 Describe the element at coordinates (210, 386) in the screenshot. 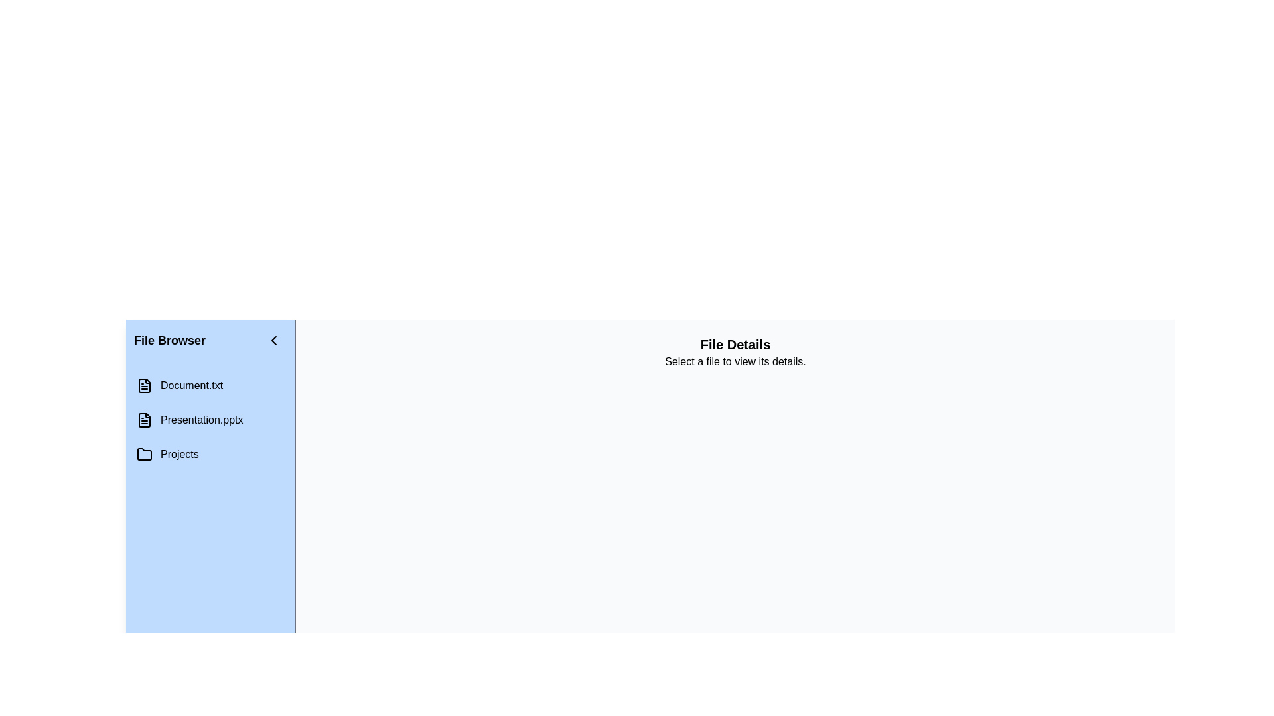

I see `the first list item in the sidebar that represents the file 'Document.txt'` at that location.